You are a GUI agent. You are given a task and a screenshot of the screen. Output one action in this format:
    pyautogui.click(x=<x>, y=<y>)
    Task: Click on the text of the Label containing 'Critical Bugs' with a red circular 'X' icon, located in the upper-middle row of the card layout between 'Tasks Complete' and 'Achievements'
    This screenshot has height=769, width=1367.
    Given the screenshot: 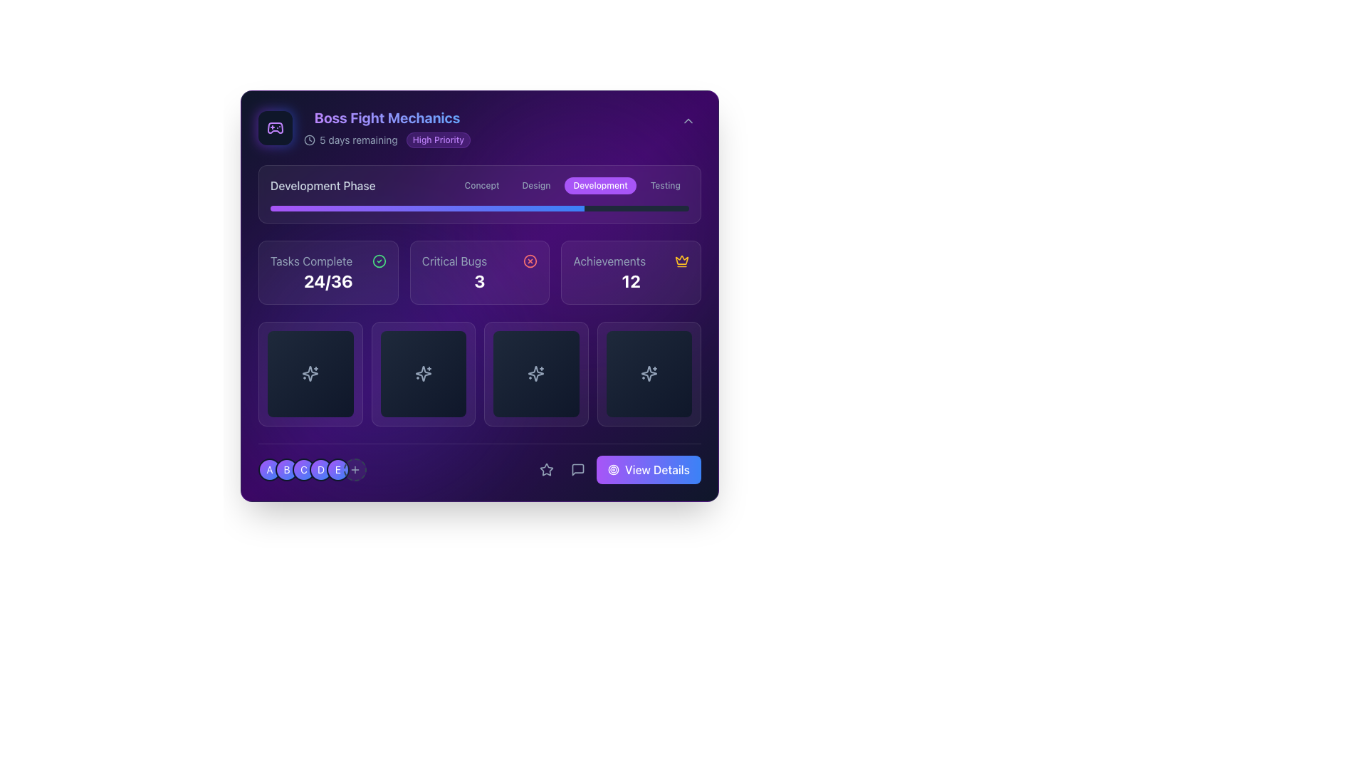 What is the action you would take?
    pyautogui.click(x=479, y=261)
    